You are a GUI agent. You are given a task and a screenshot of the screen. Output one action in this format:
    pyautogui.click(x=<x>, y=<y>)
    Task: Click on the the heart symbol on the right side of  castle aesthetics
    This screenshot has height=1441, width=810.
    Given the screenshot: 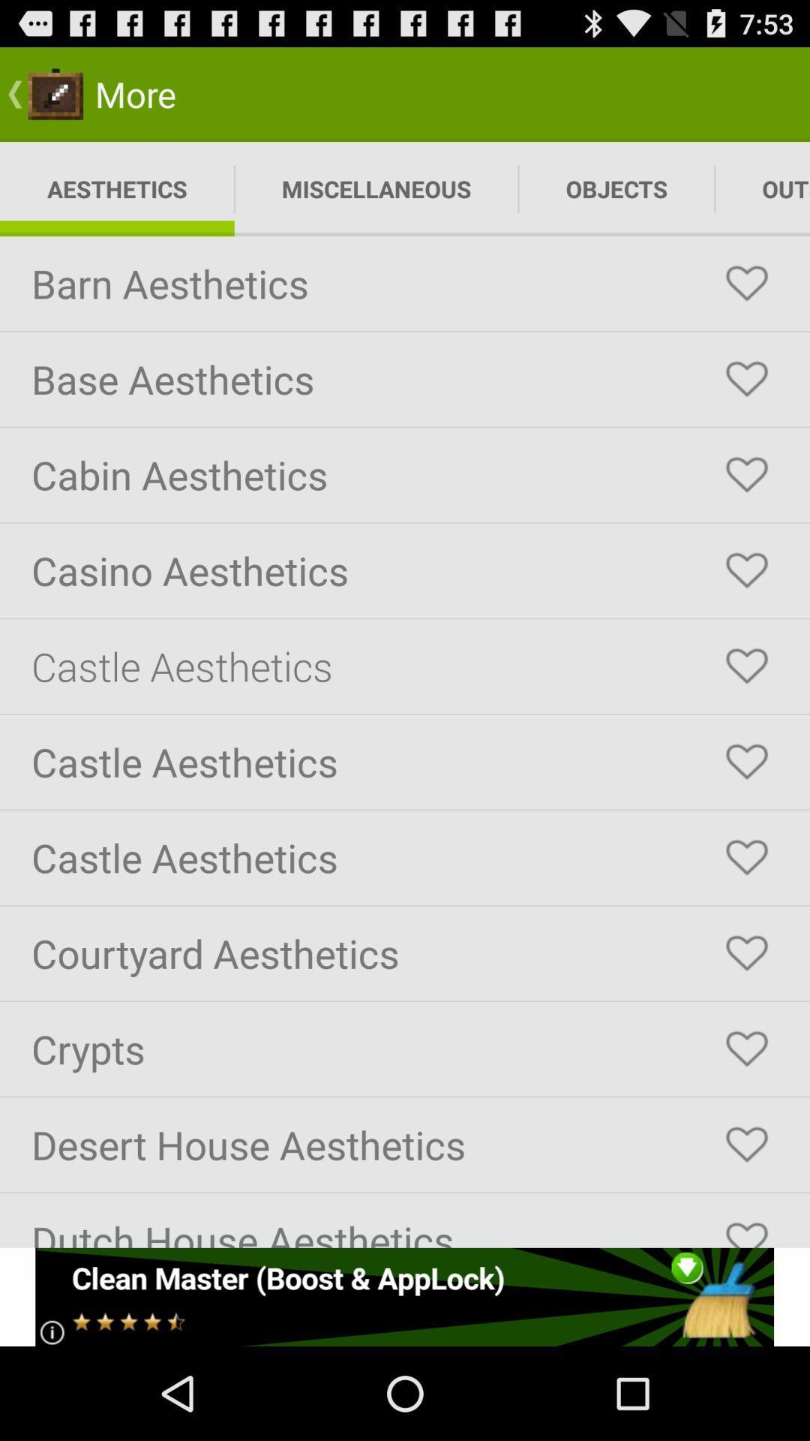 What is the action you would take?
    pyautogui.click(x=746, y=666)
    